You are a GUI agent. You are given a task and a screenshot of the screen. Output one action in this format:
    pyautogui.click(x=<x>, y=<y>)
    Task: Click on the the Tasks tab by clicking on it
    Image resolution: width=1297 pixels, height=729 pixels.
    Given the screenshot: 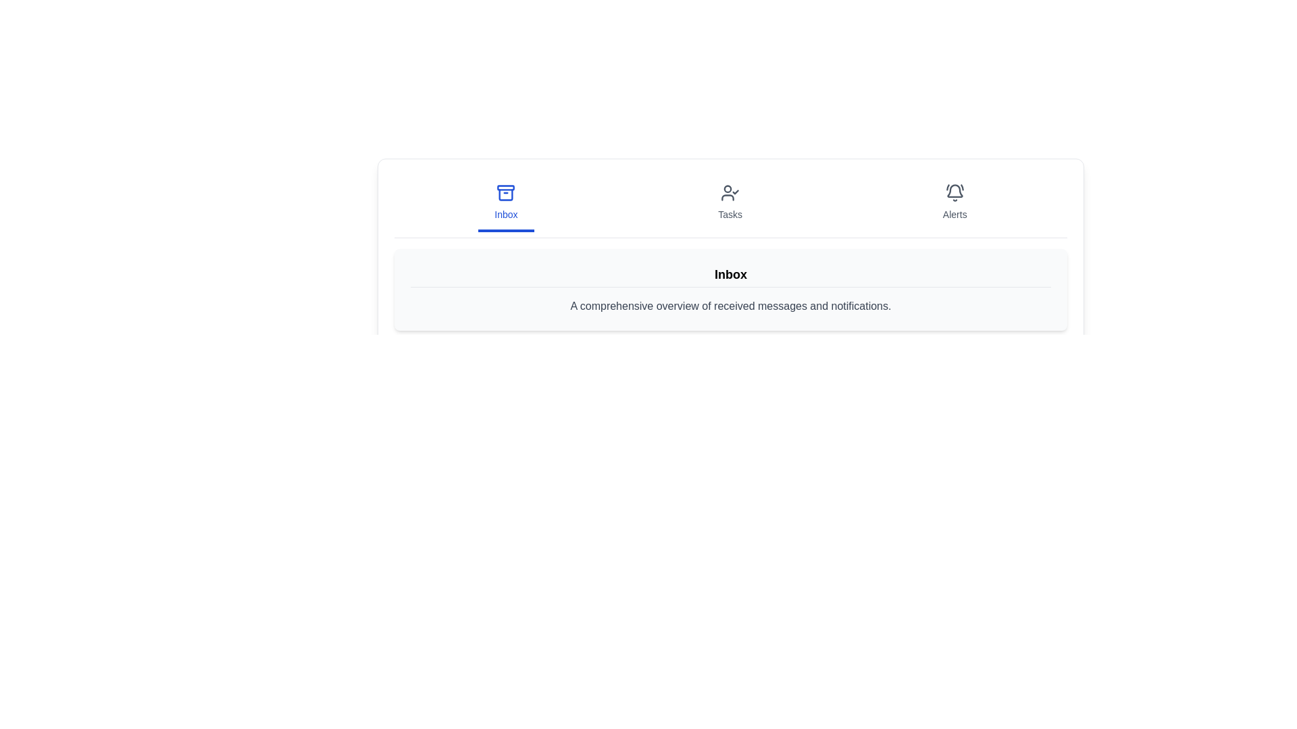 What is the action you would take?
    pyautogui.click(x=729, y=203)
    